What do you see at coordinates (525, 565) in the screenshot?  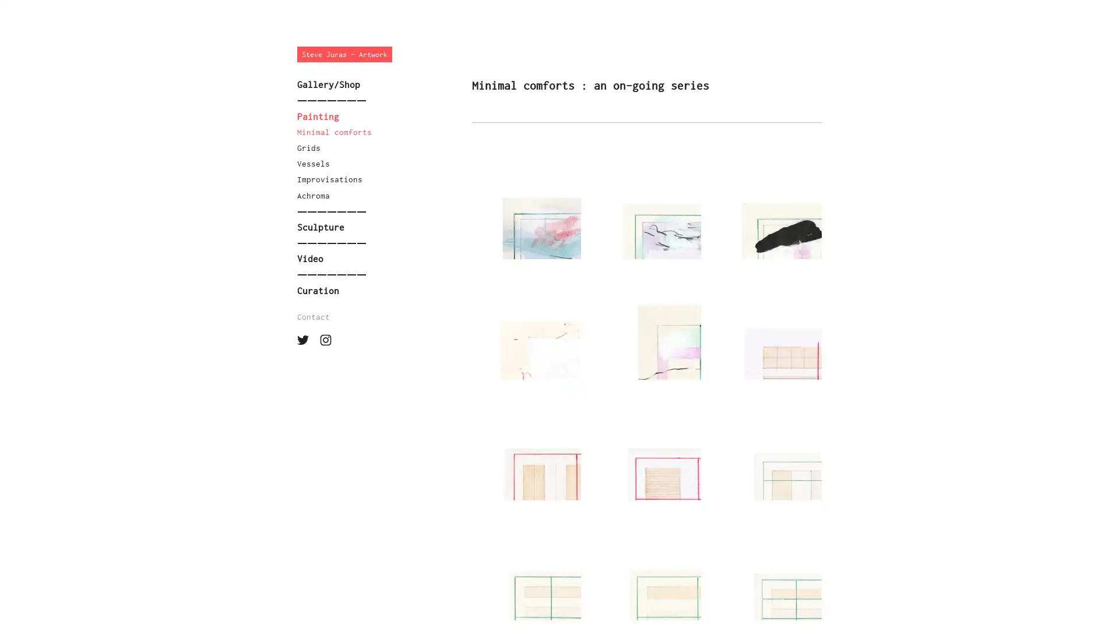 I see `View fullsize Kuss des Lebens` at bounding box center [525, 565].